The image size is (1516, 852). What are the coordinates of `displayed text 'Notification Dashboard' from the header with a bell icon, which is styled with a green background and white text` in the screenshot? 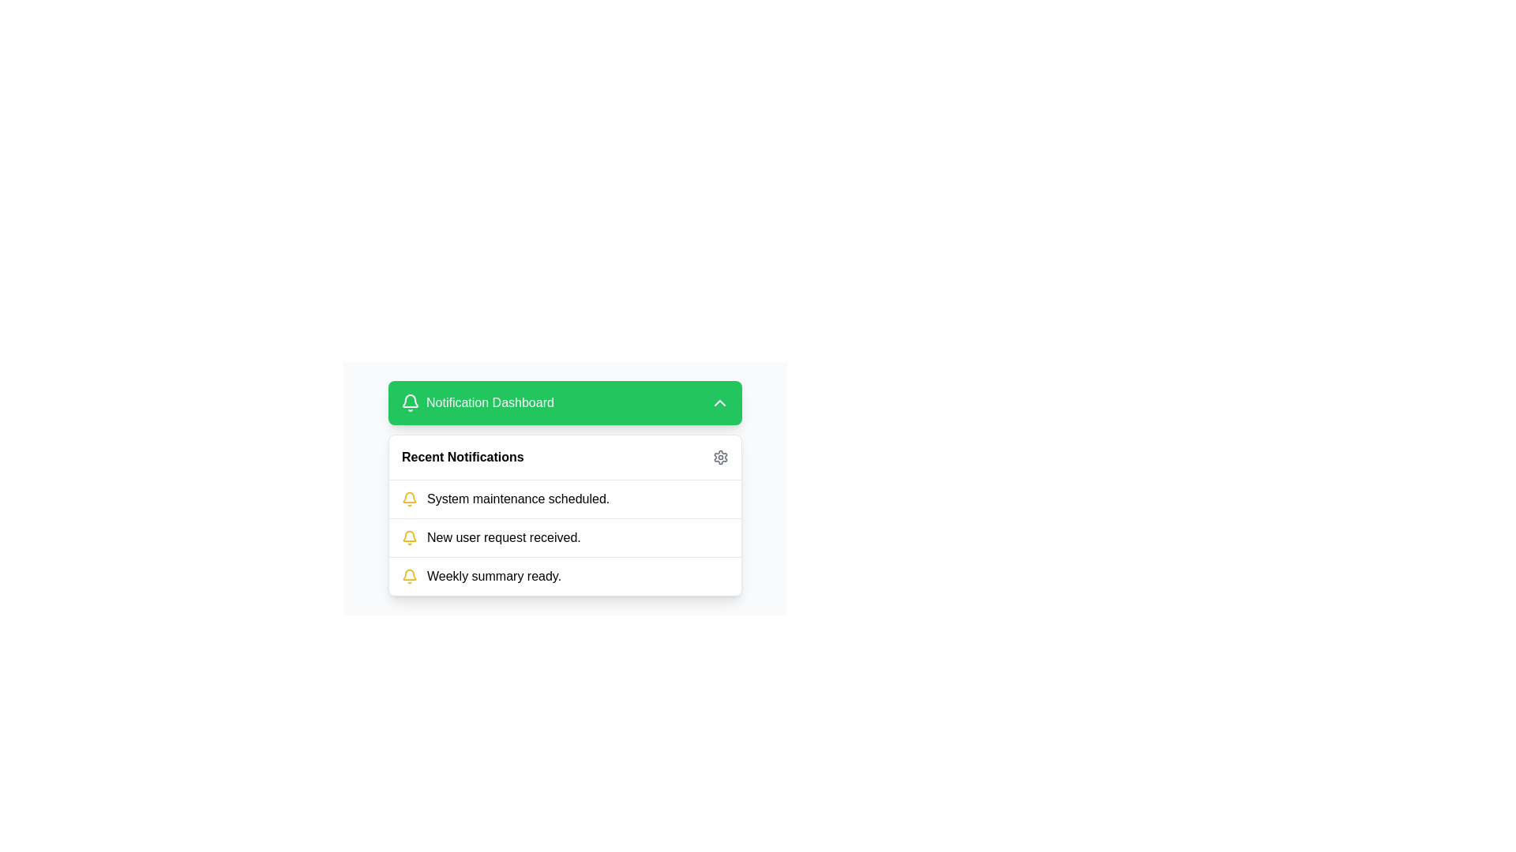 It's located at (476, 402).